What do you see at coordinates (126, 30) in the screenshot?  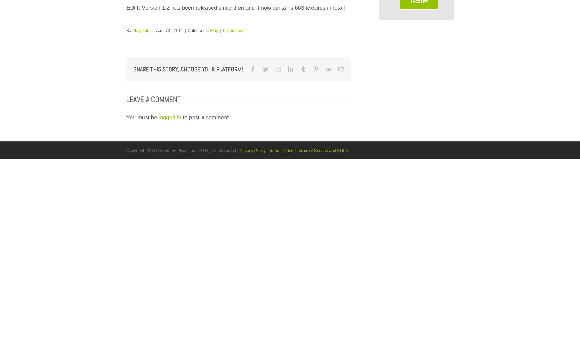 I see `'By'` at bounding box center [126, 30].